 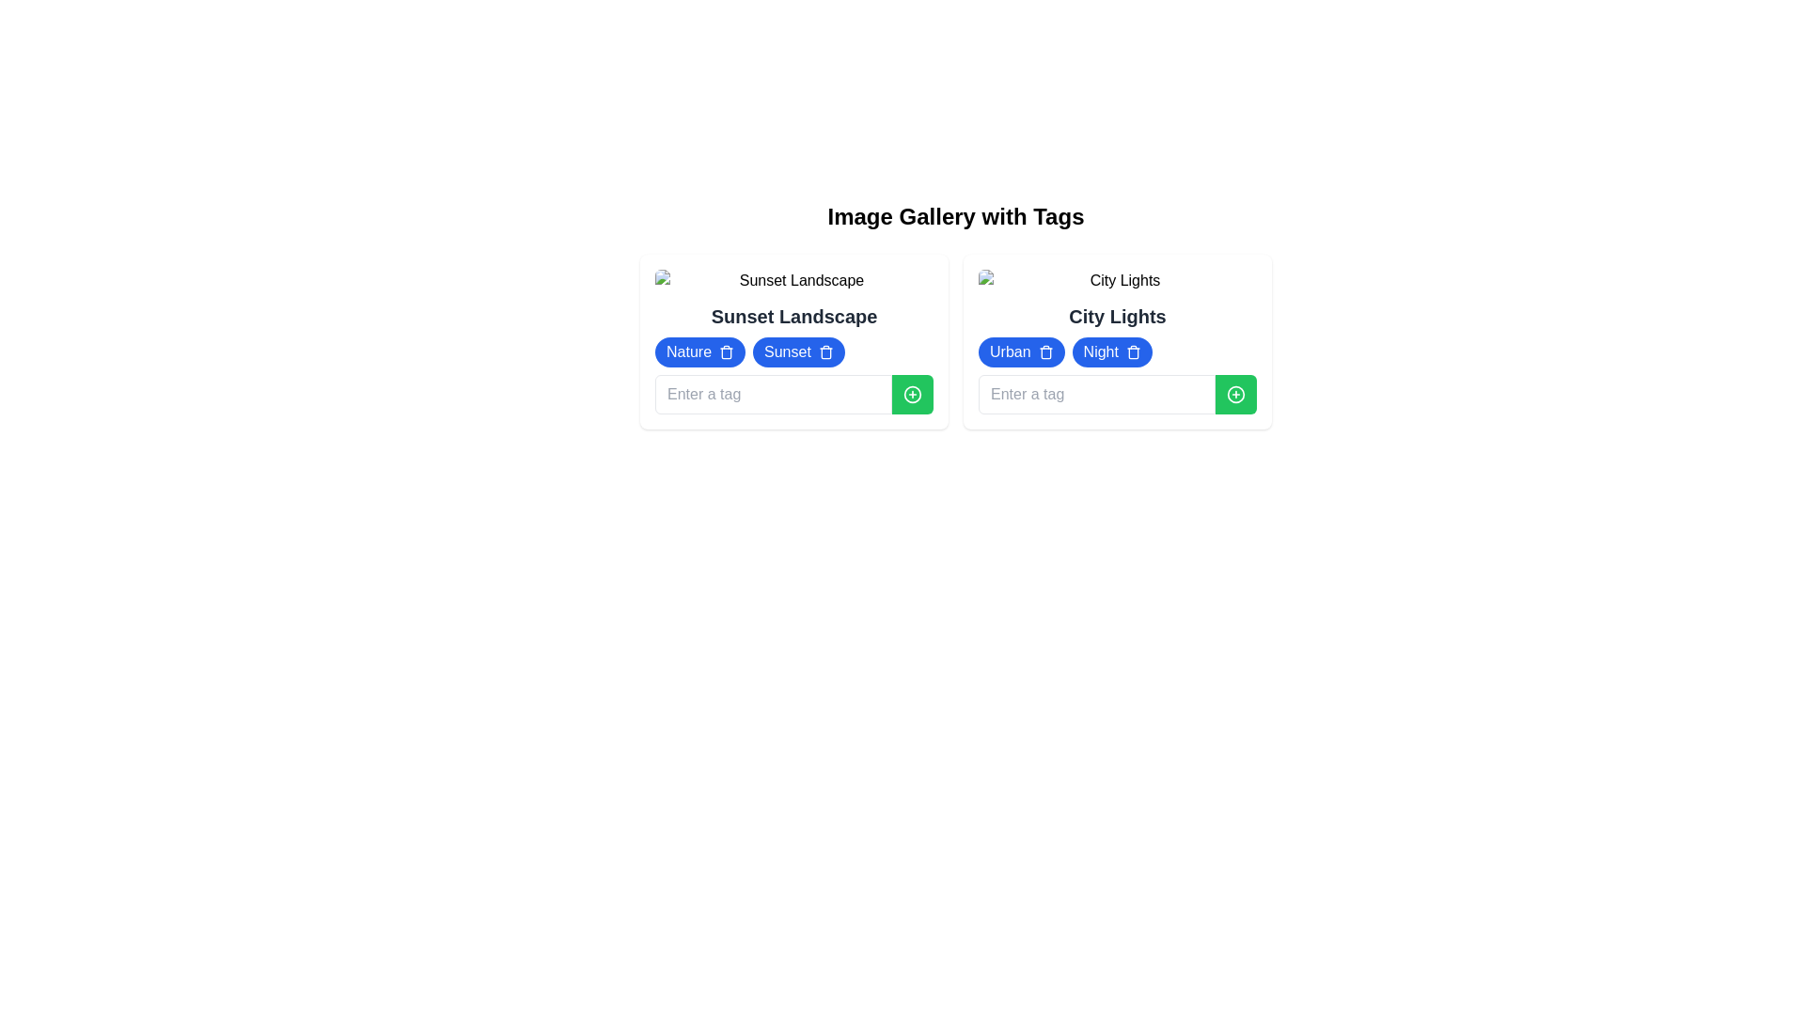 What do you see at coordinates (825, 351) in the screenshot?
I see `the Trash/Remove Action icon located to the right of the 'Sunset' text, which is the second tag in the 'Sunset Landscape' group` at bounding box center [825, 351].